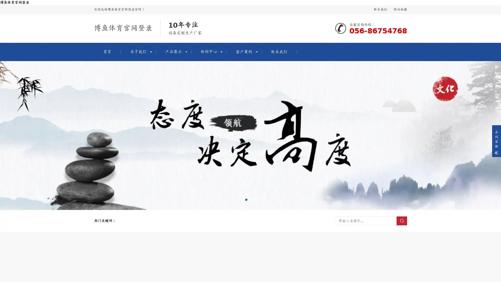 Image resolution: width=501 pixels, height=282 pixels. I want to click on Go to slide 1, so click(246, 199).